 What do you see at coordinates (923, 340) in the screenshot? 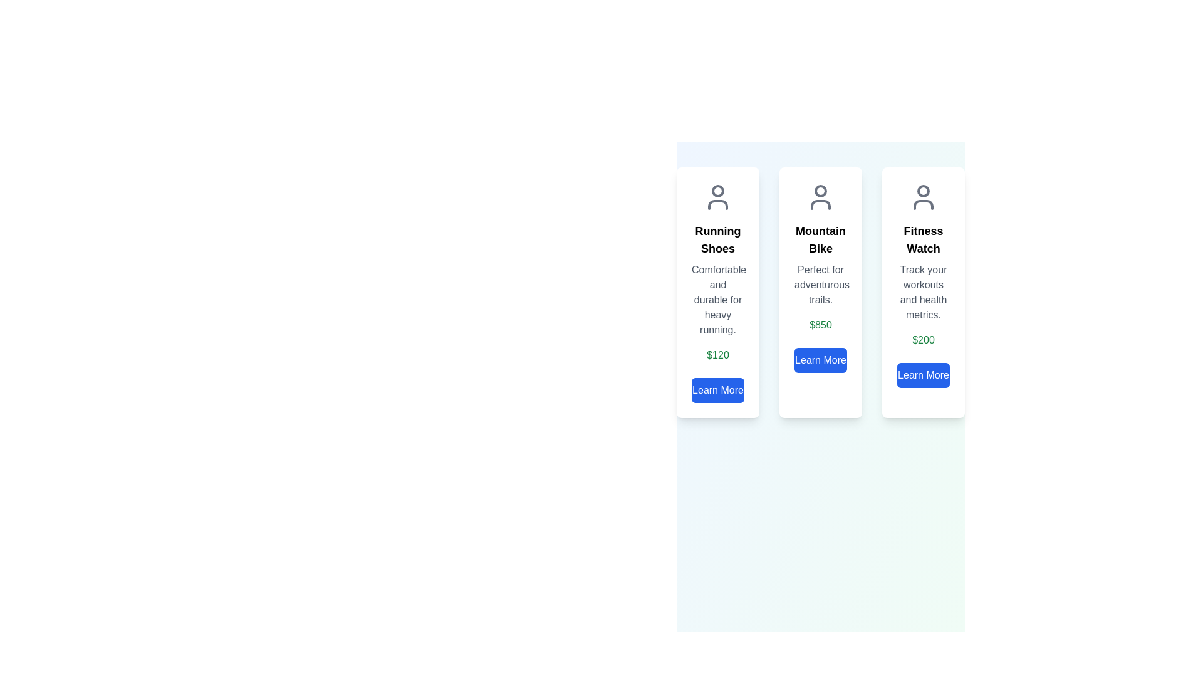
I see `the text label displaying the price '$200' in green text, located in the third card on the right, above the 'Learn More' button` at bounding box center [923, 340].